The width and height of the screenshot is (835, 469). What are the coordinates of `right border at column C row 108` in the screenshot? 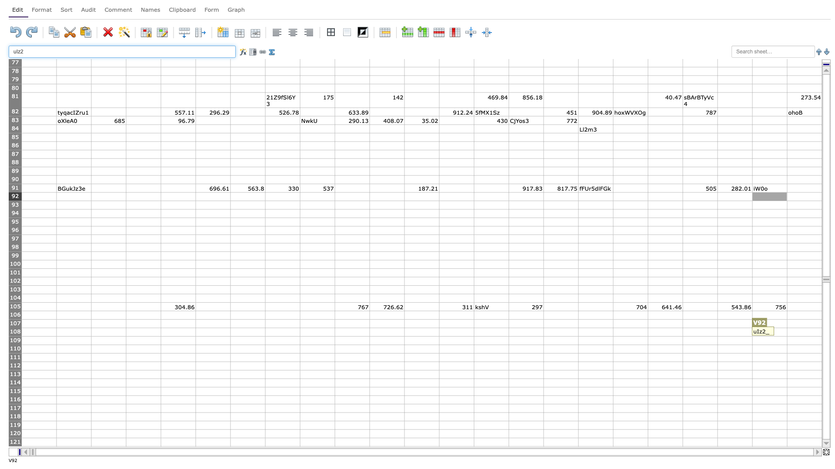 It's located at (125, 332).